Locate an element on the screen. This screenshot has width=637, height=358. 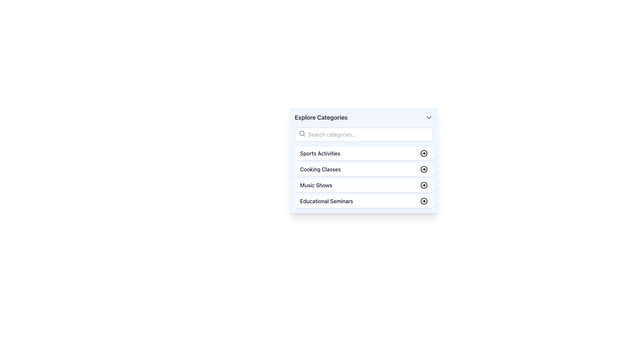
the 'Cooking Classes' button, which is a rectangular button with rounded corners located under 'Sports Activities' and above 'Music Shows' in the 'Explore Categories' section is located at coordinates (363, 169).